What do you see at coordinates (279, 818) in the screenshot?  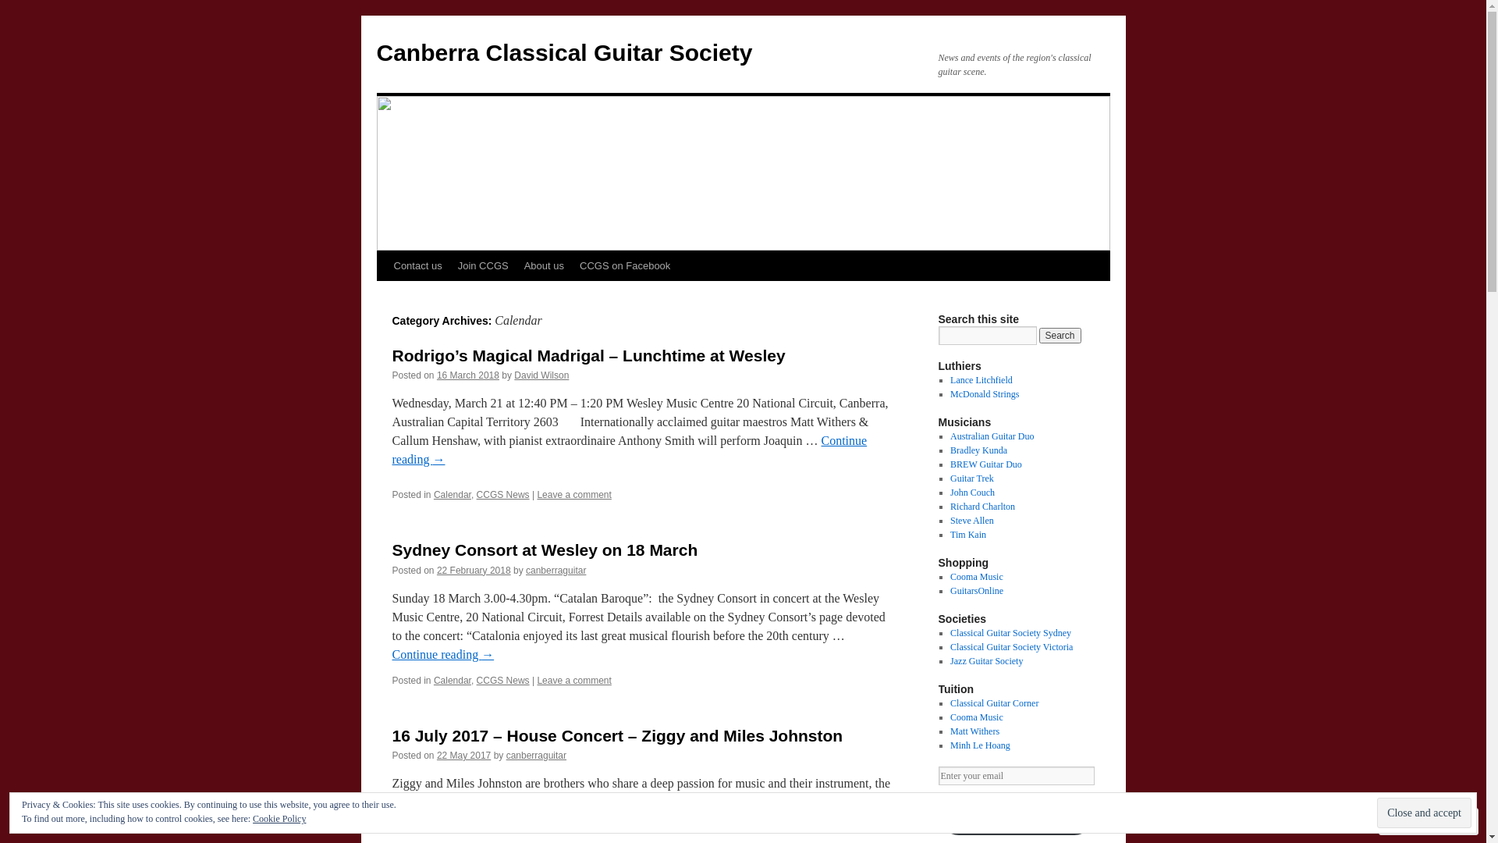 I see `'Cookie Policy'` at bounding box center [279, 818].